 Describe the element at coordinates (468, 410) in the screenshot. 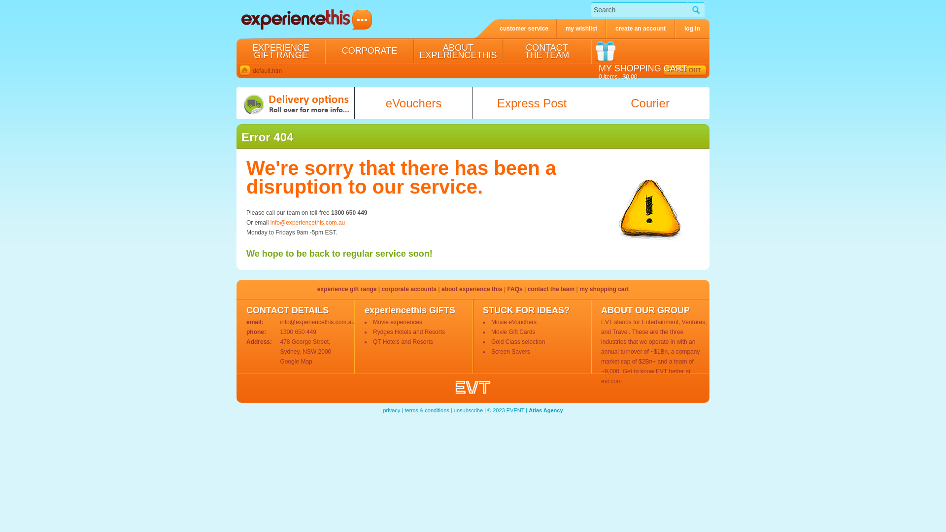

I see `'unsubscribe'` at that location.